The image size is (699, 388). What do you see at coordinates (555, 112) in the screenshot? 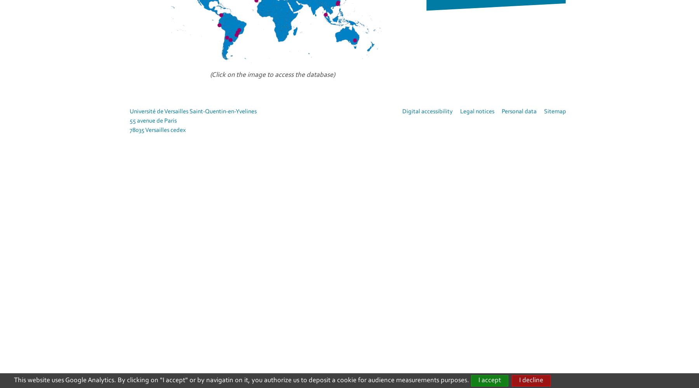
I see `'Sitemap'` at bounding box center [555, 112].